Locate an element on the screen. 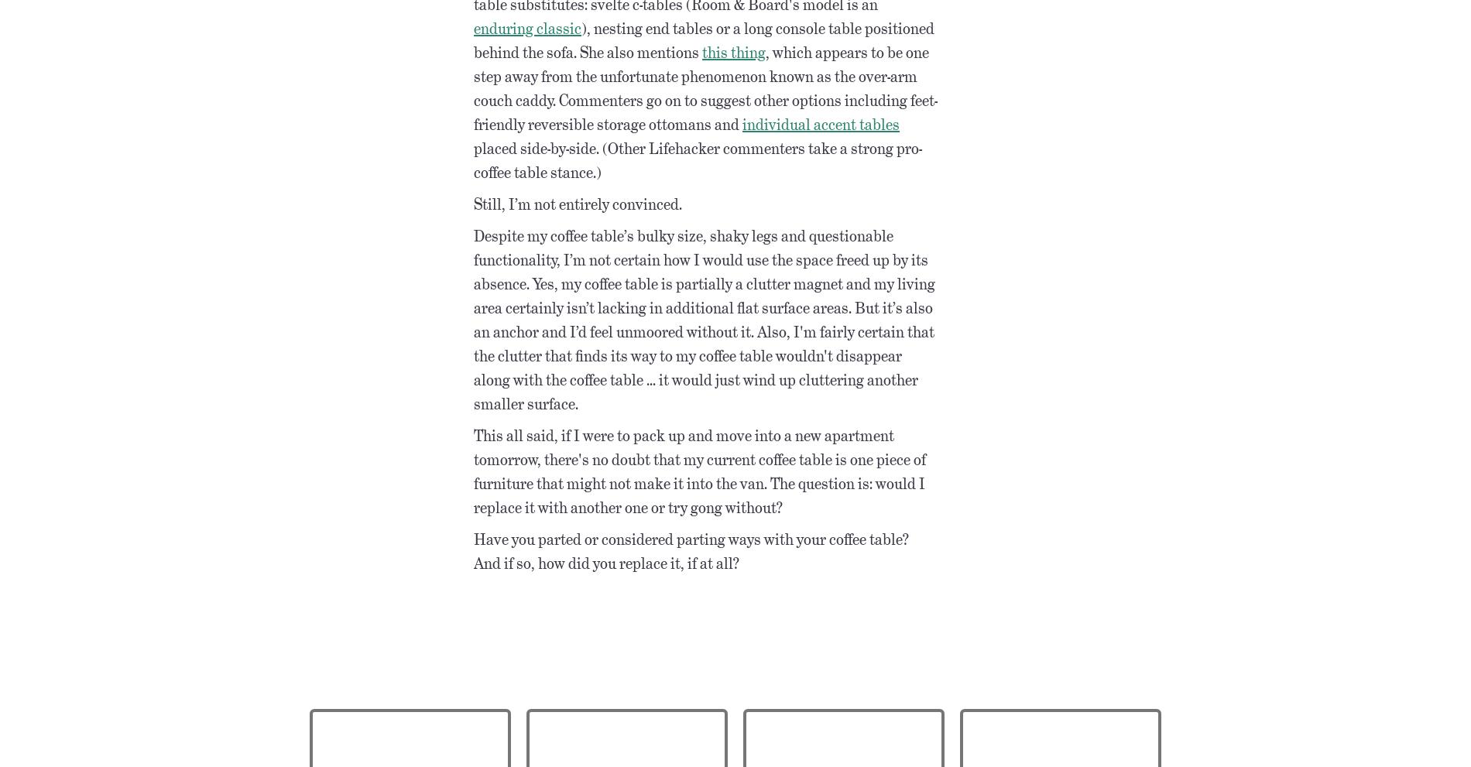 The width and height of the screenshot is (1471, 767). 'This all said, if I were to pack up and move into a new apartment tomorrow, there's no doubt that my current coffee table is one piece of furniture that might not make it into the van. The question is: would I replace it with another one or try gong without?' is located at coordinates (473, 471).